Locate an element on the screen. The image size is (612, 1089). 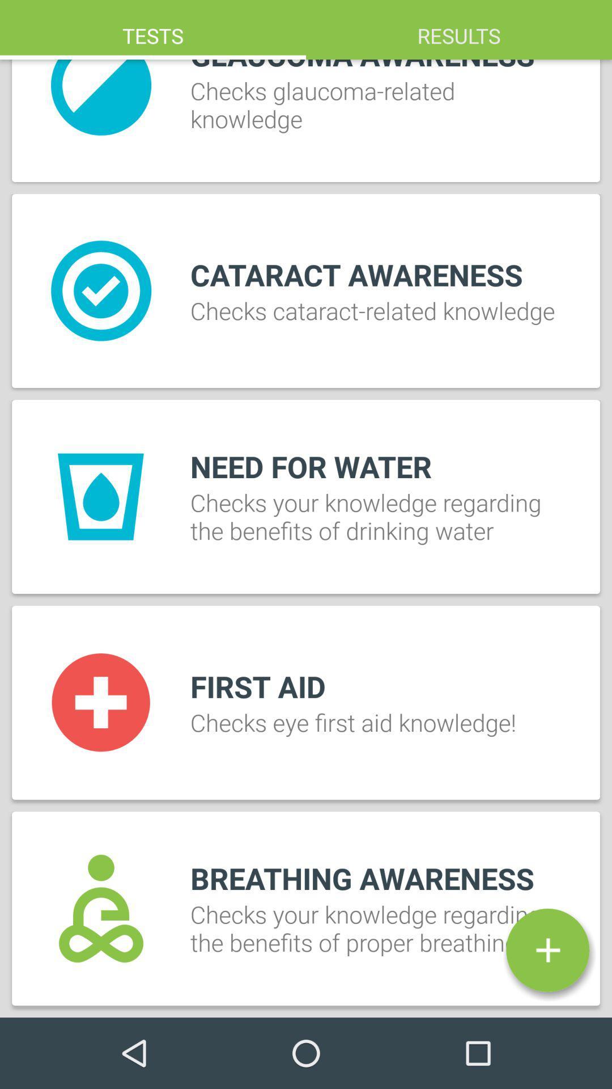
the results icon is located at coordinates (459, 29).